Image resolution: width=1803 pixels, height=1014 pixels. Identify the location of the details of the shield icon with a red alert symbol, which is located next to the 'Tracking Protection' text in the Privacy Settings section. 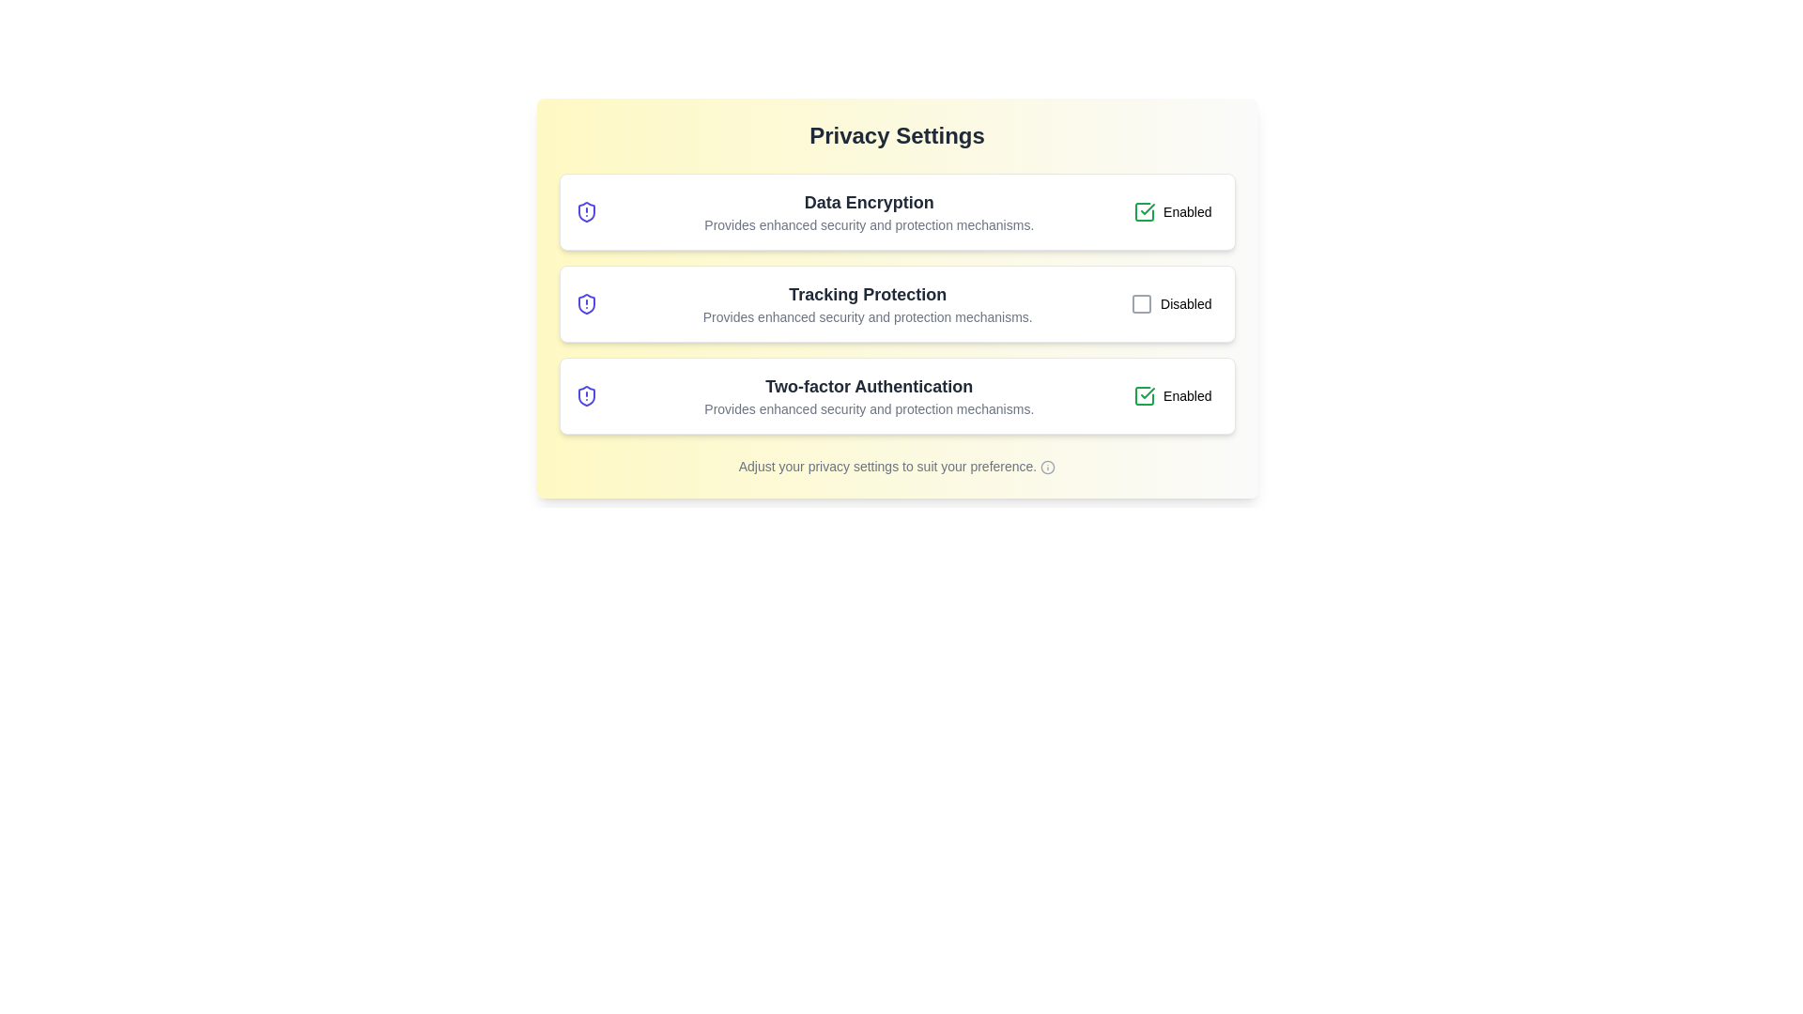
(585, 303).